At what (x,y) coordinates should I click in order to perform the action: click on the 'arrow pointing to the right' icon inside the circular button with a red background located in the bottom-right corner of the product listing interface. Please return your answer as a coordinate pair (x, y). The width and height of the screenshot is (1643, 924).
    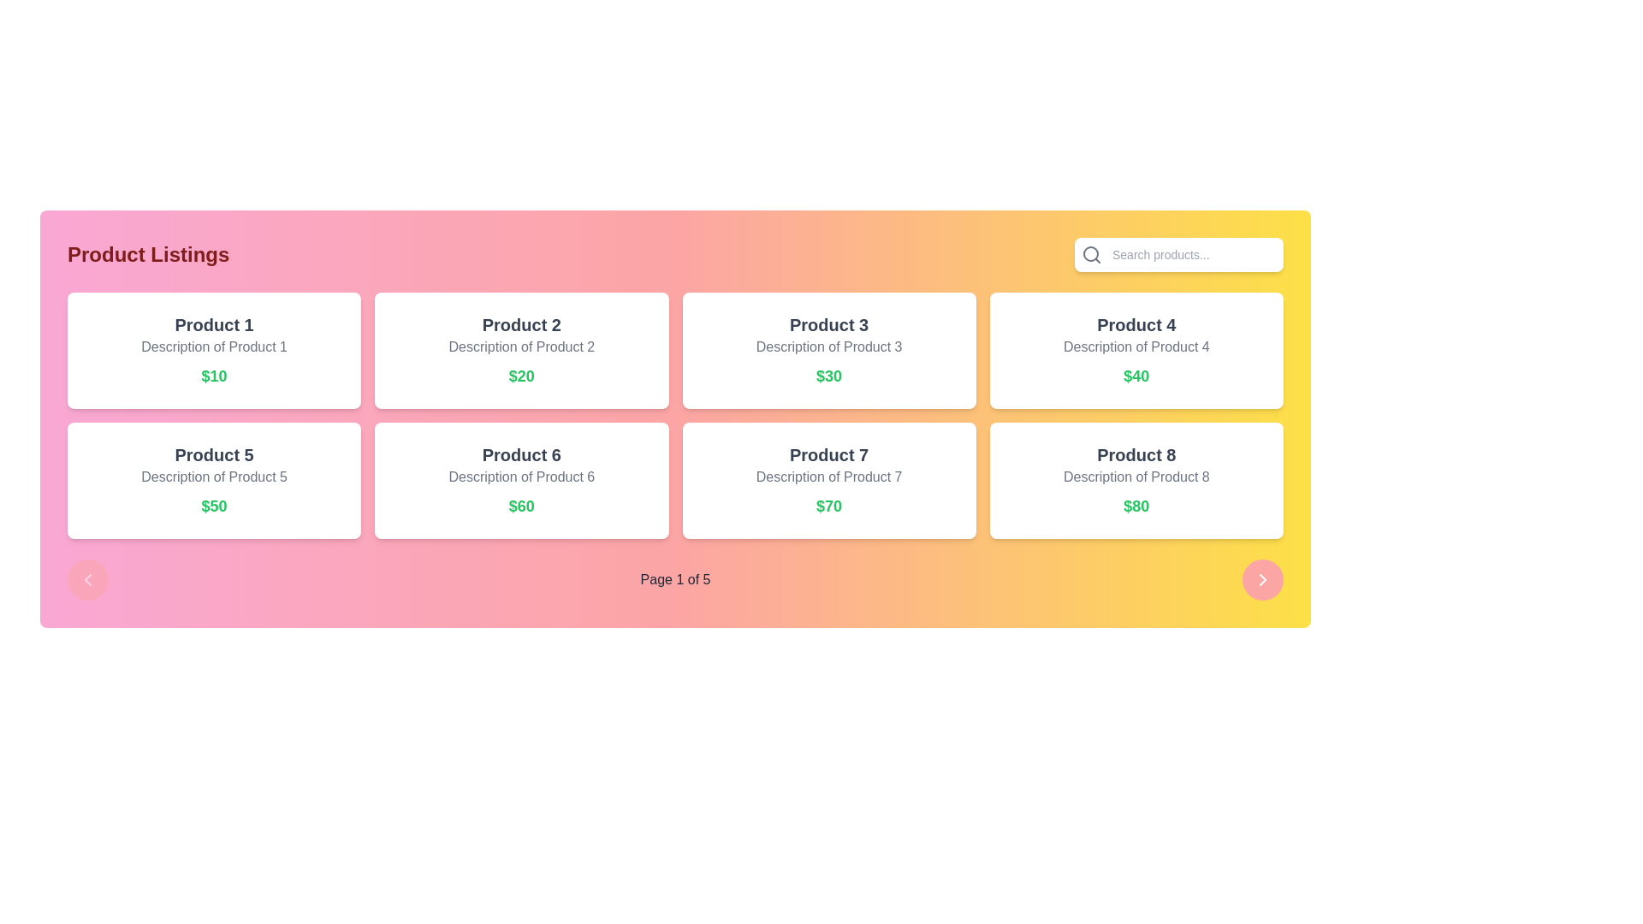
    Looking at the image, I should click on (1262, 579).